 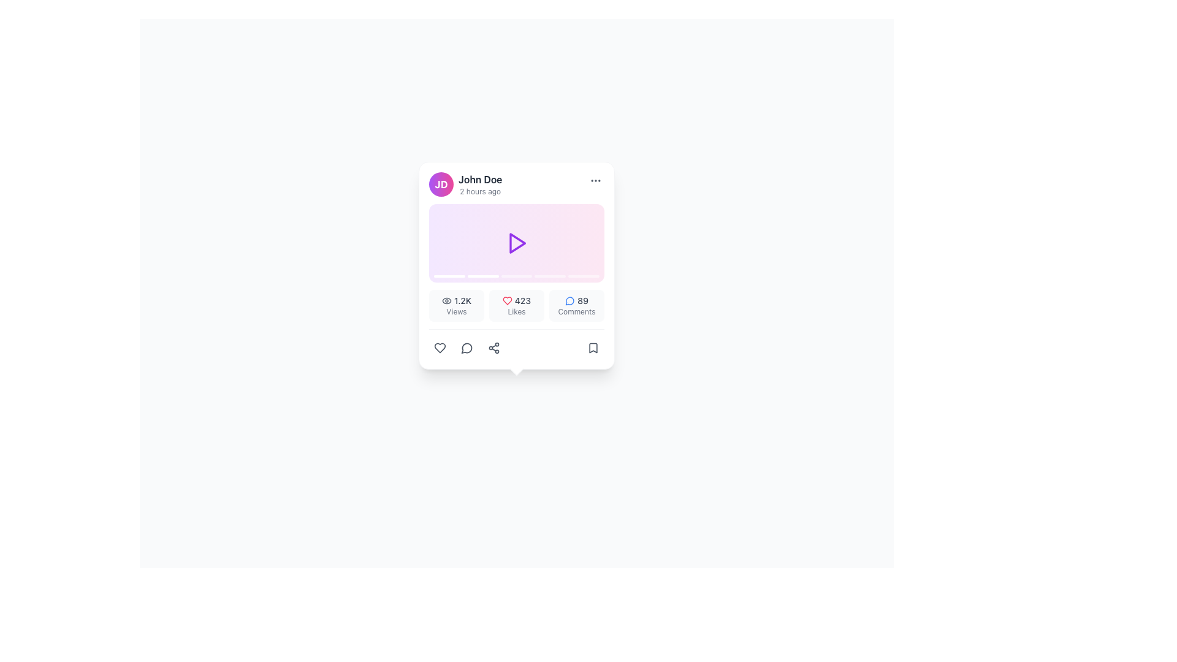 What do you see at coordinates (576, 300) in the screenshot?
I see `the comment count text element located in the 'Comments' section, which is to the right of the blue comment icon and above the label 'Comments'` at bounding box center [576, 300].